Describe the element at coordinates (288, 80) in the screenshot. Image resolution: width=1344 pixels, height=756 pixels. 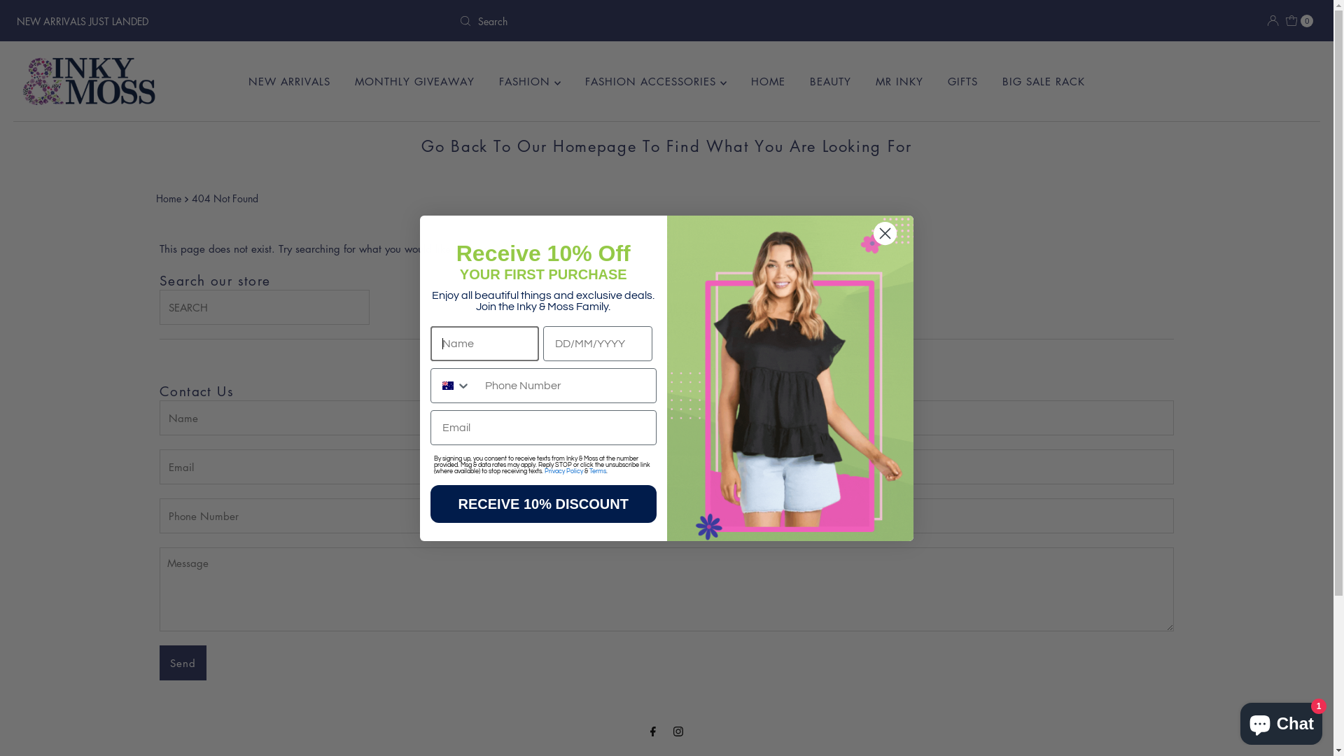
I see `'NEW ARRIVALS'` at that location.